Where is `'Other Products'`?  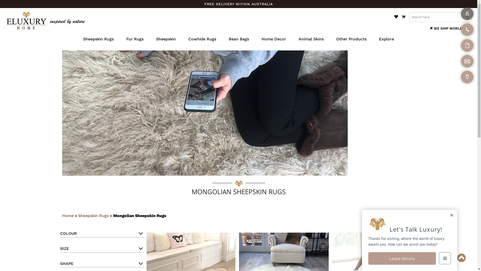 'Other Products' is located at coordinates (351, 39).